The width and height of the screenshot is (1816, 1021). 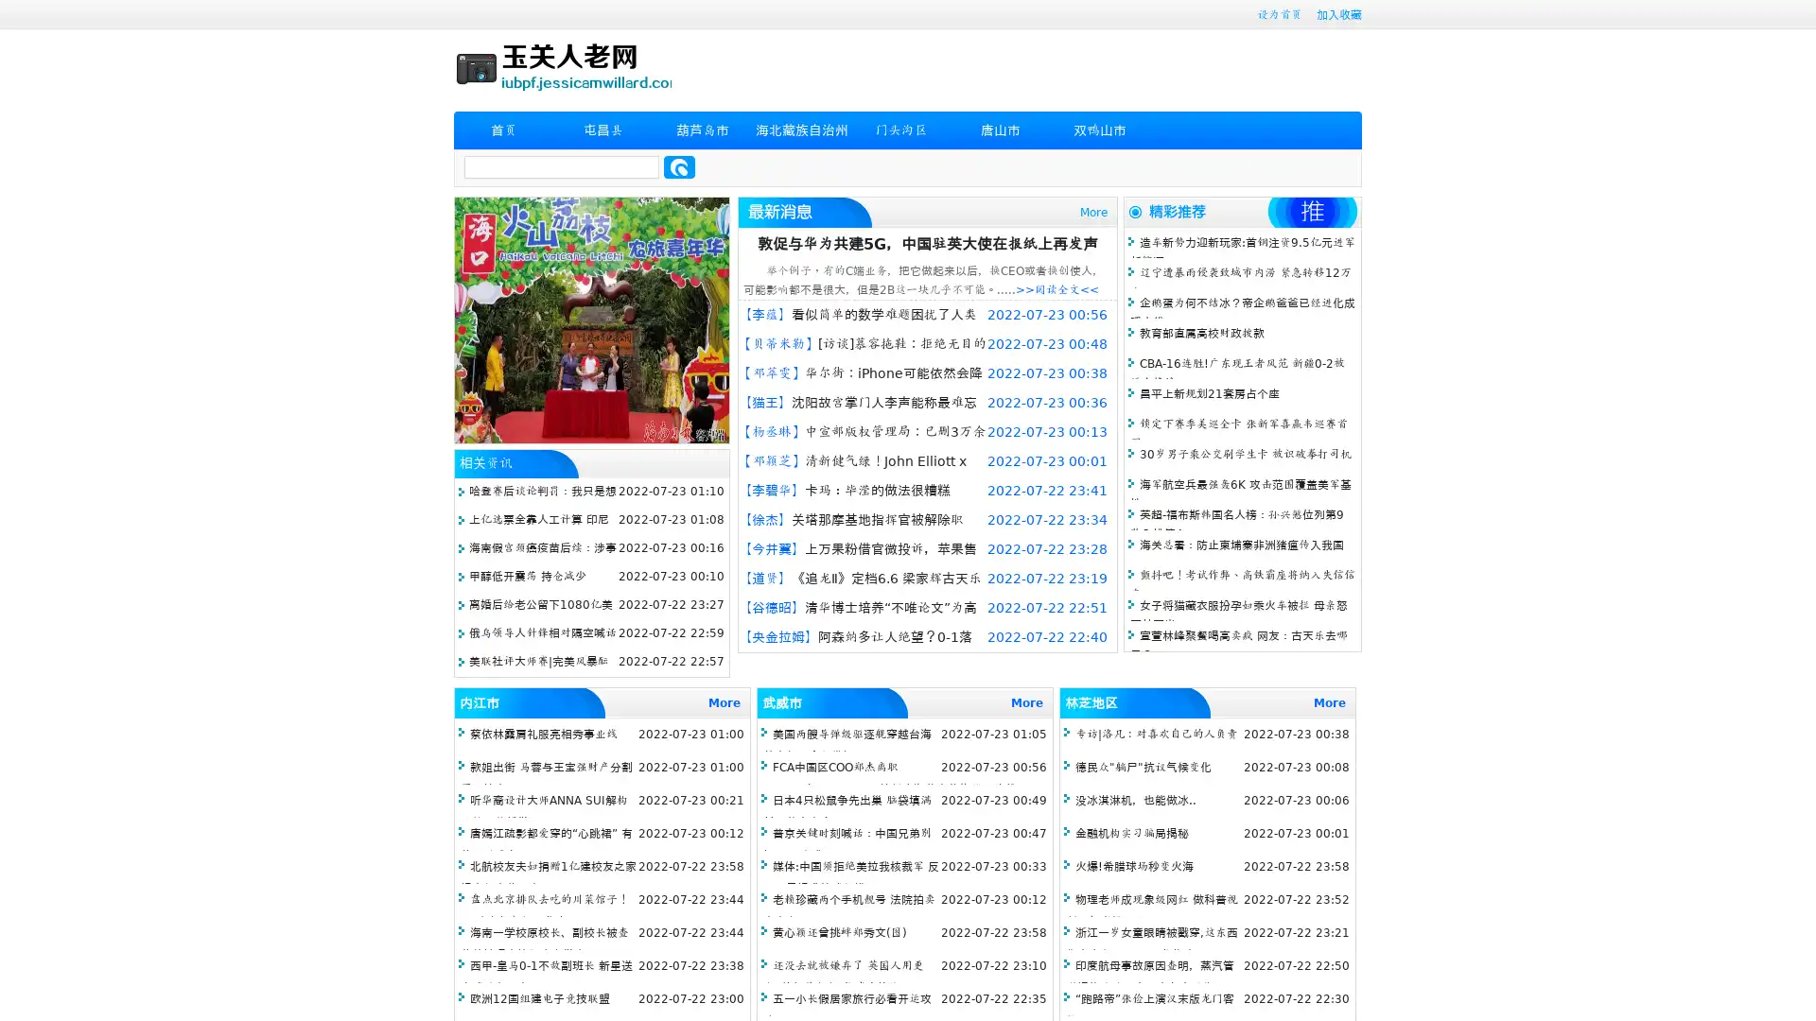 I want to click on Search, so click(x=679, y=166).